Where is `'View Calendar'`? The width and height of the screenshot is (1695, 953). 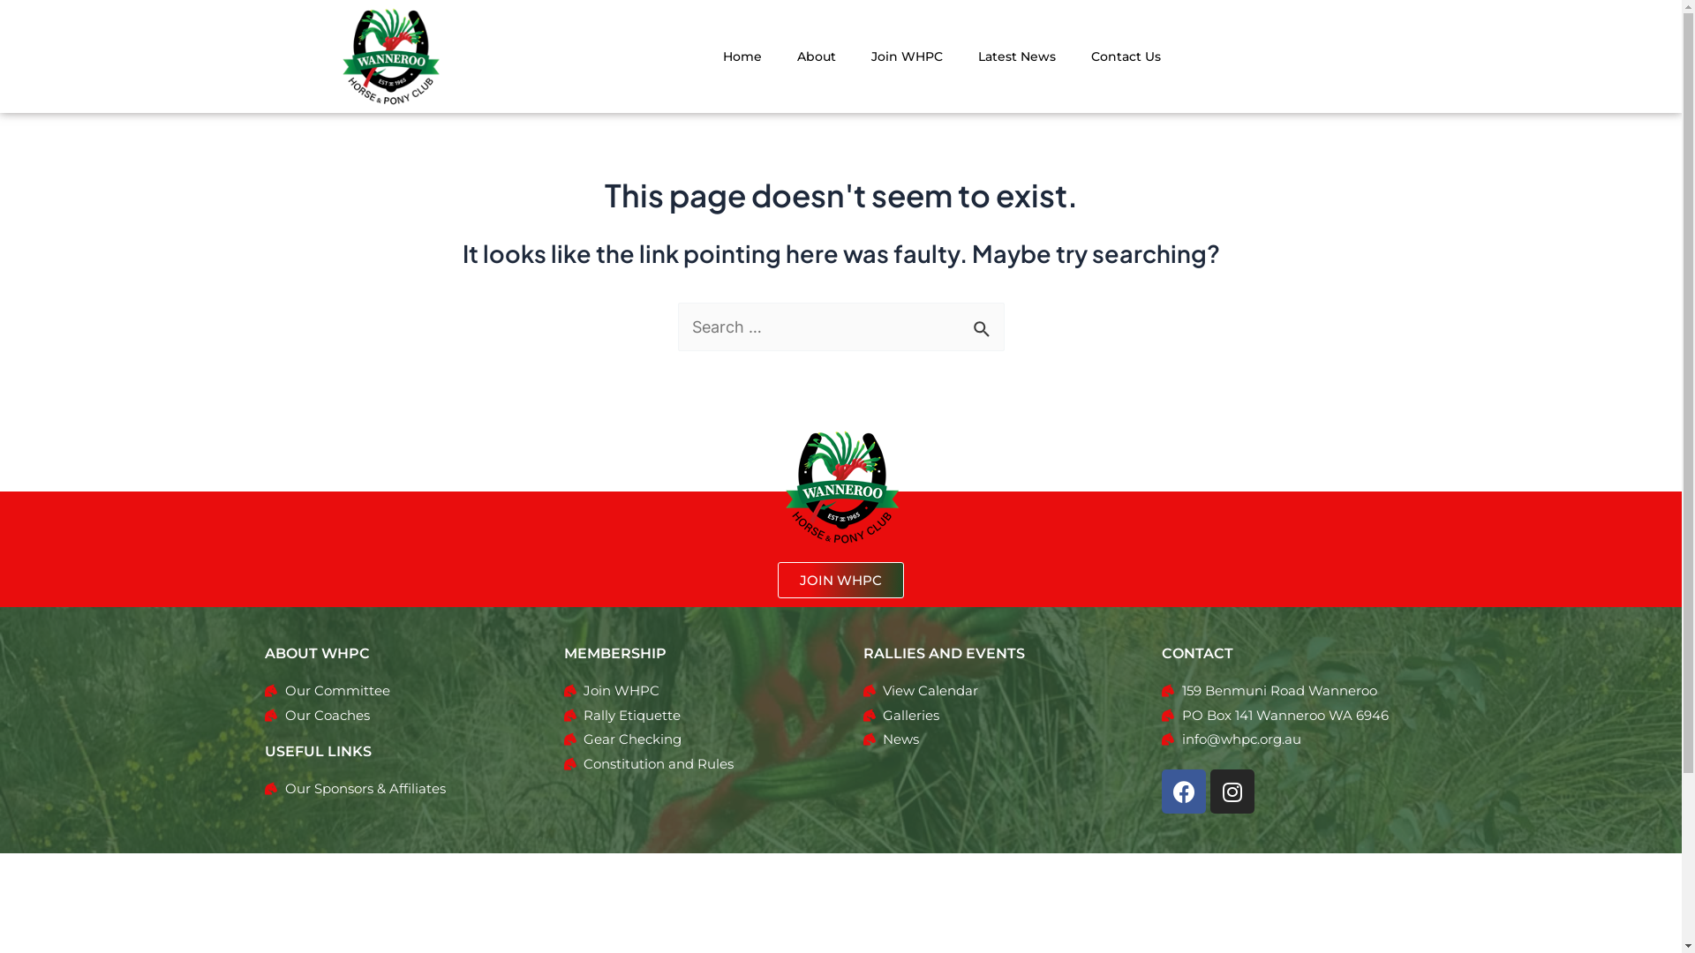 'View Calendar' is located at coordinates (991, 690).